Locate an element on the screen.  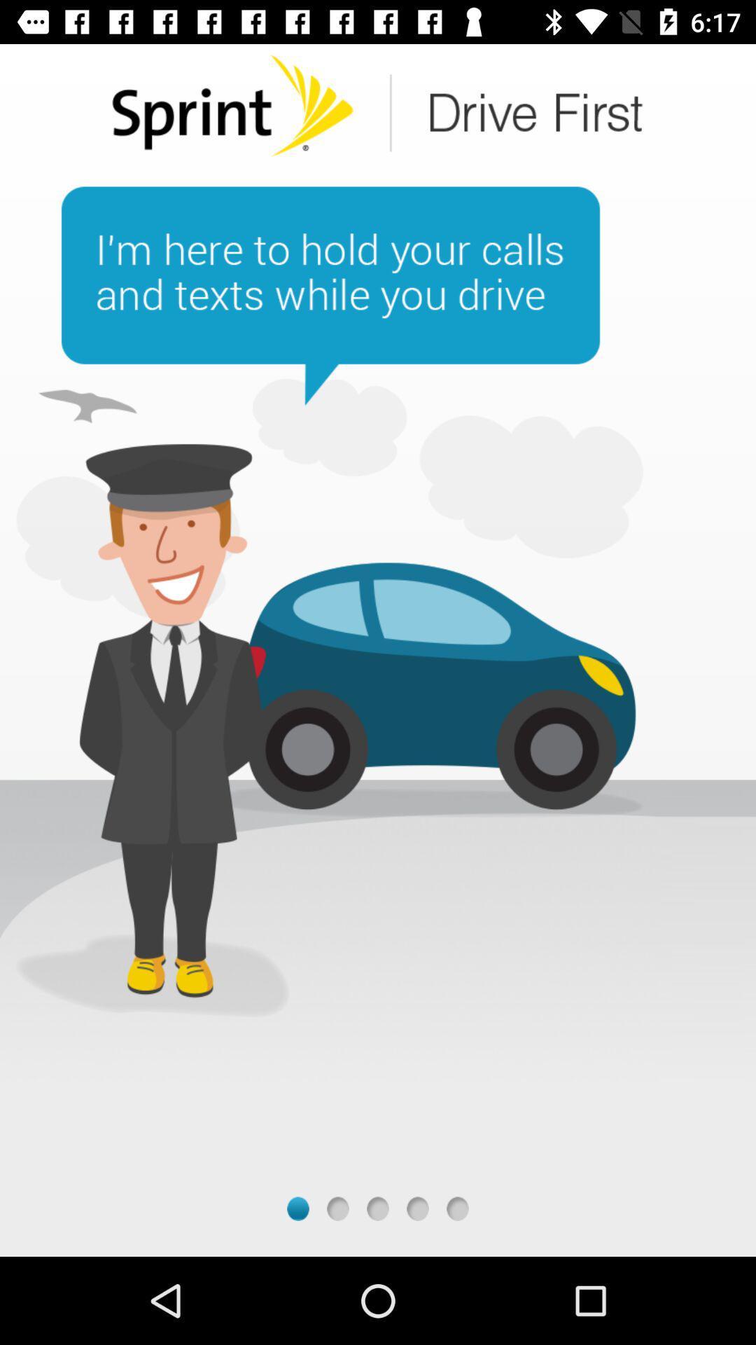
first page is located at coordinates (297, 1208).